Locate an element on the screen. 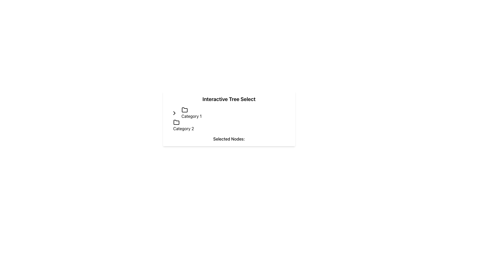 The height and width of the screenshot is (279, 496). the SVG icon representing the folder associated with 'Category 1', located to the left of the 'Category 1' text in the selectable tree component is located at coordinates (184, 110).